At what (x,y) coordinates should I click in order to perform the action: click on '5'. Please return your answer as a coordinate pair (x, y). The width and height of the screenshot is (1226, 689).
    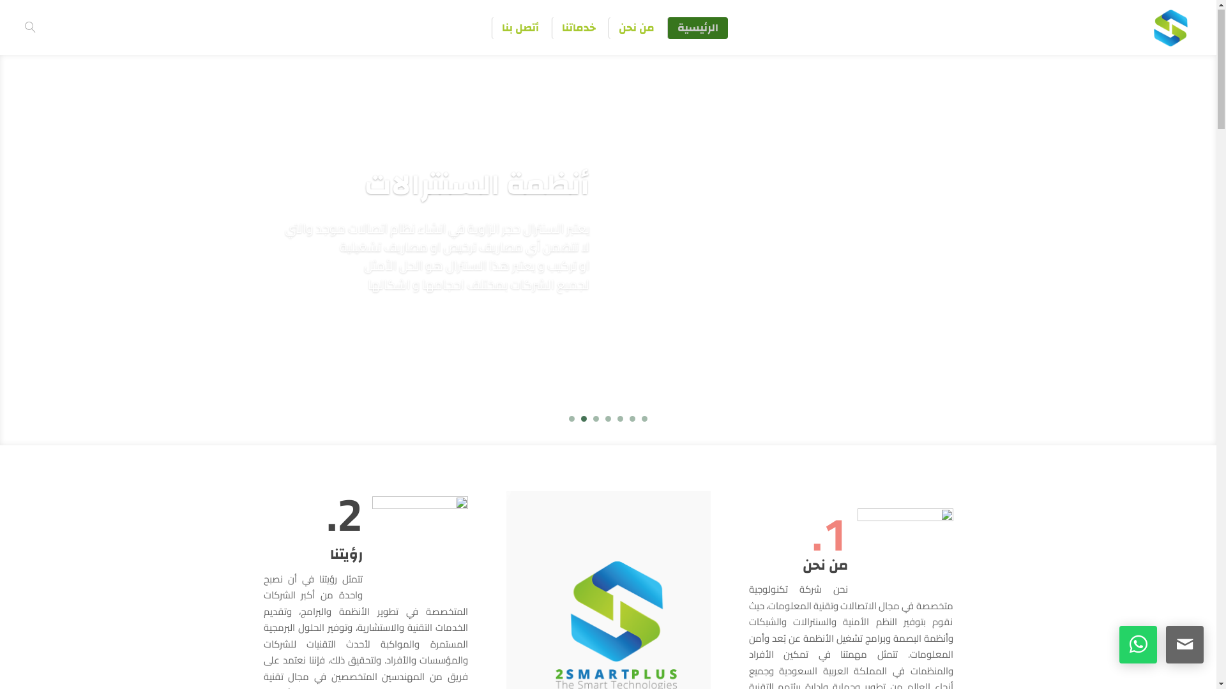
    Looking at the image, I should click on (595, 419).